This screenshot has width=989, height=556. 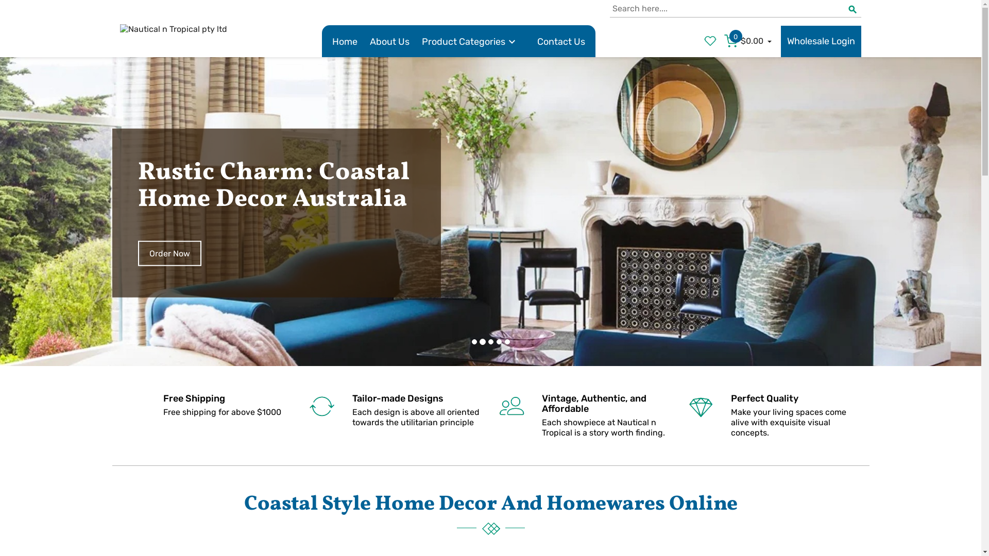 What do you see at coordinates (169, 228) in the screenshot?
I see `'Order Now'` at bounding box center [169, 228].